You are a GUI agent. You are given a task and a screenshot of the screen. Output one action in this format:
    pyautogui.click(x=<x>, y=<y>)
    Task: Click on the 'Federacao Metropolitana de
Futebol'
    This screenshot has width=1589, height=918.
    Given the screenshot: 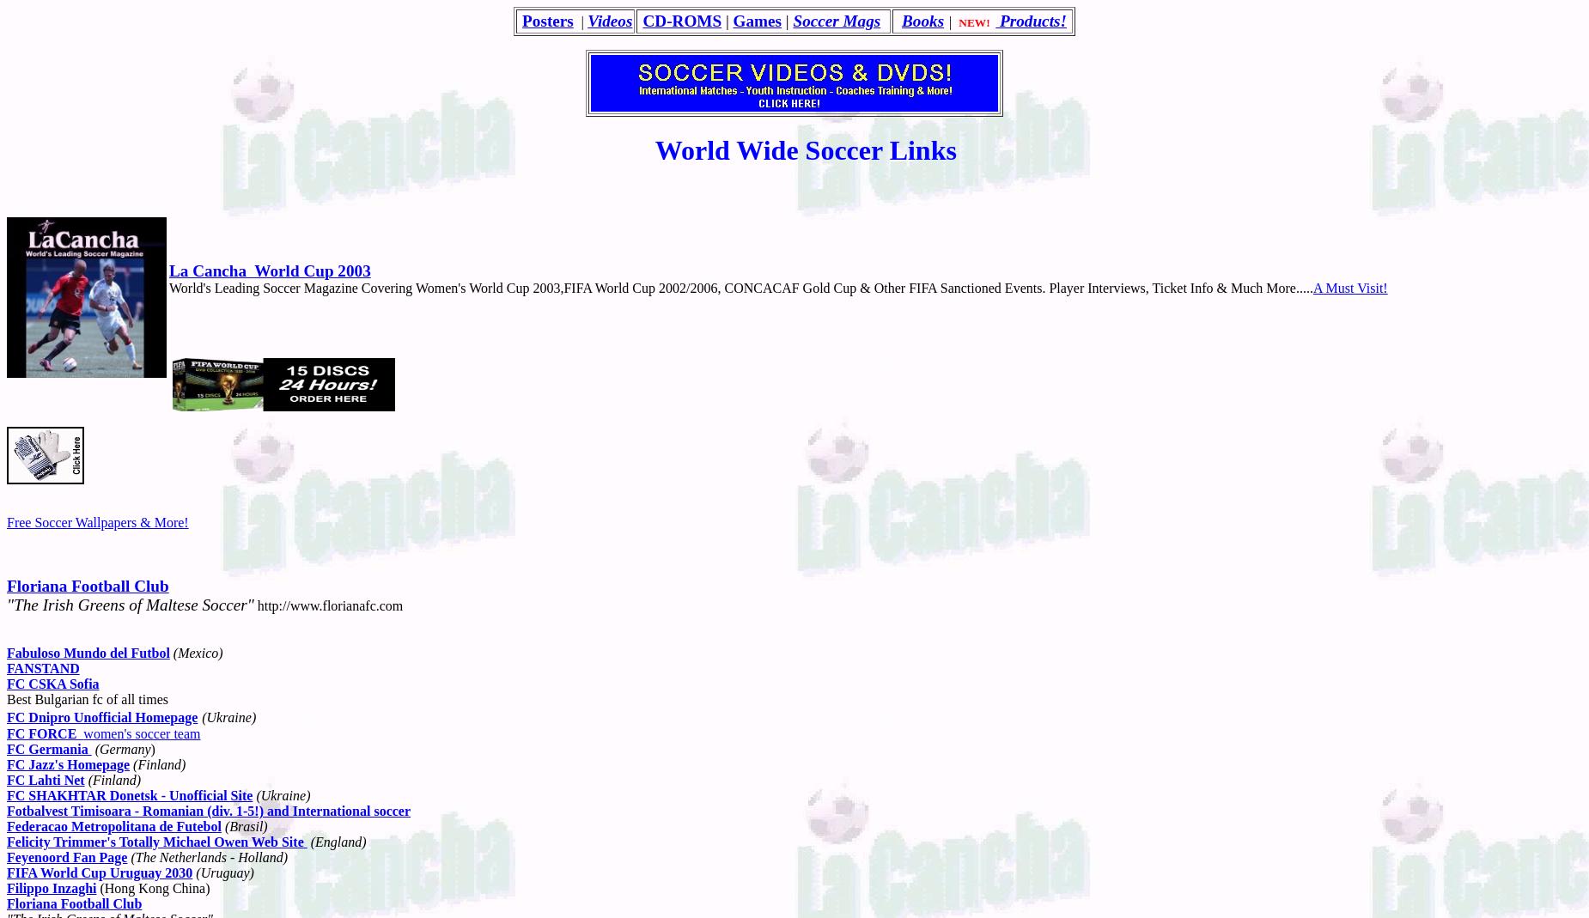 What is the action you would take?
    pyautogui.click(x=113, y=824)
    